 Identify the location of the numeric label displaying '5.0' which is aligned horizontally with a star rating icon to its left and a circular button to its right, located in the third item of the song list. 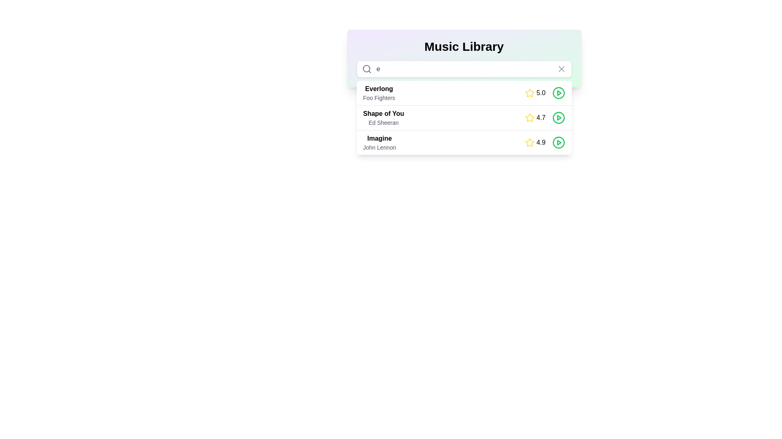
(541, 92).